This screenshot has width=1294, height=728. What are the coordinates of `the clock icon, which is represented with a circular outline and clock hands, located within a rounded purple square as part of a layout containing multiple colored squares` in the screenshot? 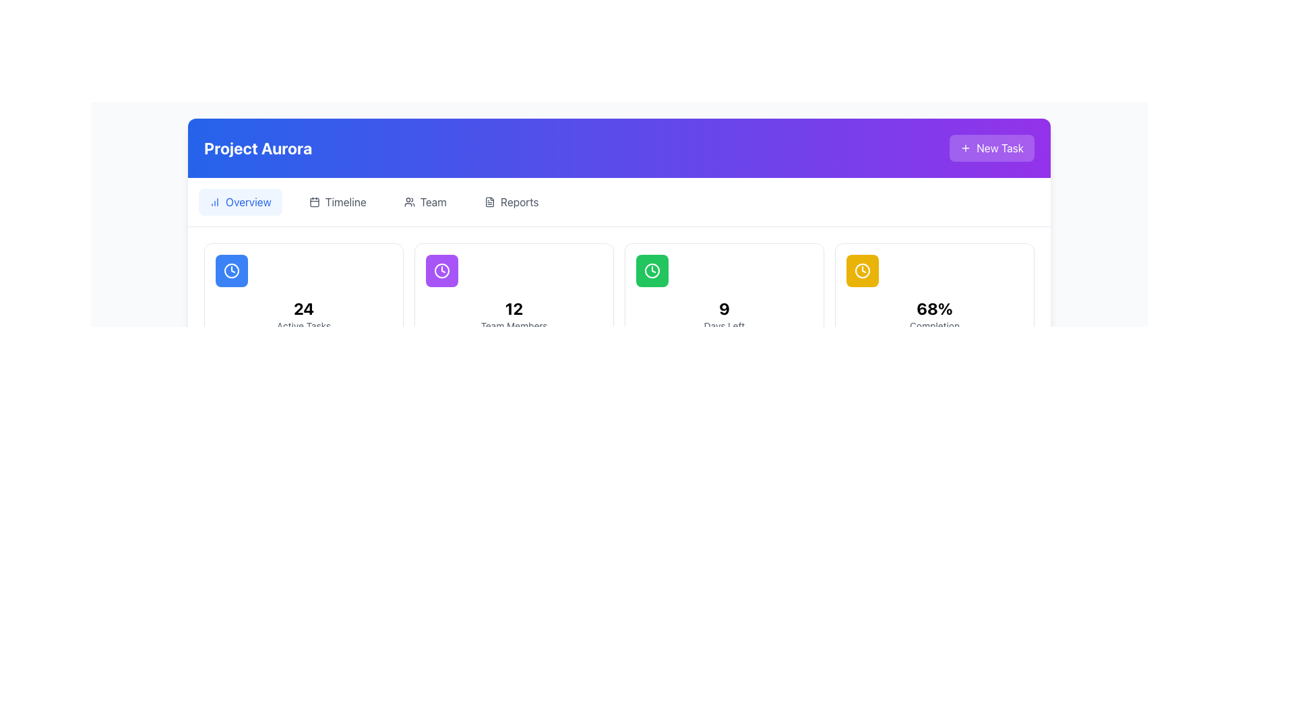 It's located at (442, 270).